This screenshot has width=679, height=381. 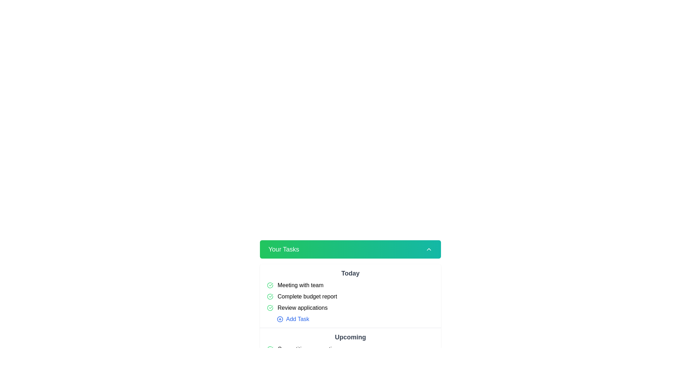 What do you see at coordinates (302, 307) in the screenshot?
I see `the 'Review applications' text label in the 'Your Tasks' section` at bounding box center [302, 307].